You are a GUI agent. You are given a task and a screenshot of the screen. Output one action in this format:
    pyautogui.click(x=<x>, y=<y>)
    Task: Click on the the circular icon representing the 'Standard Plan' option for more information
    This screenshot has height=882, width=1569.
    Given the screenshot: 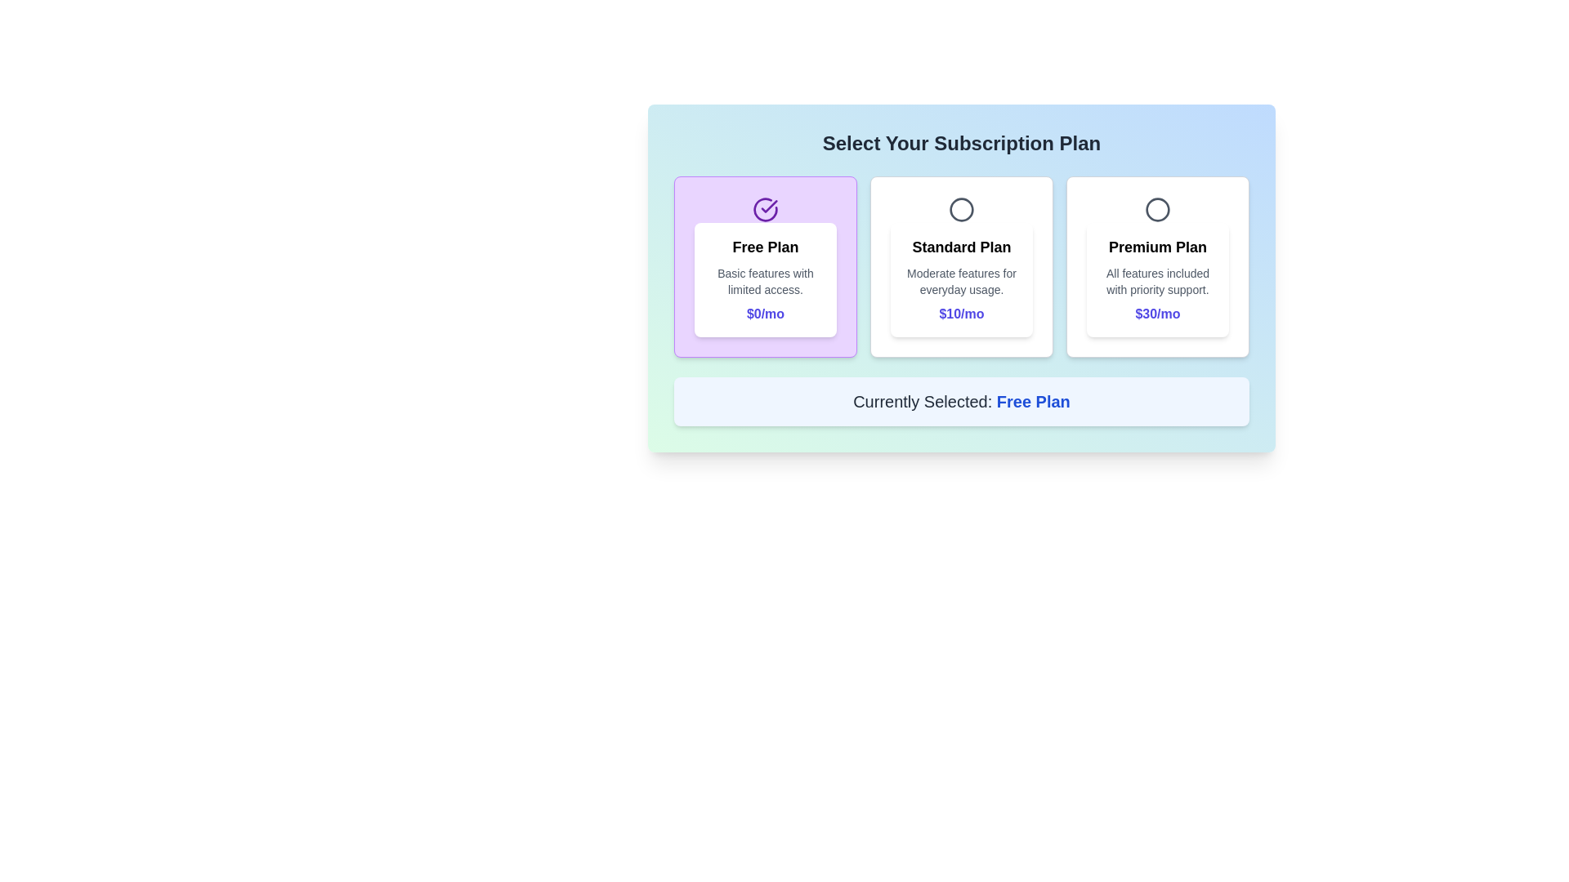 What is the action you would take?
    pyautogui.click(x=961, y=209)
    